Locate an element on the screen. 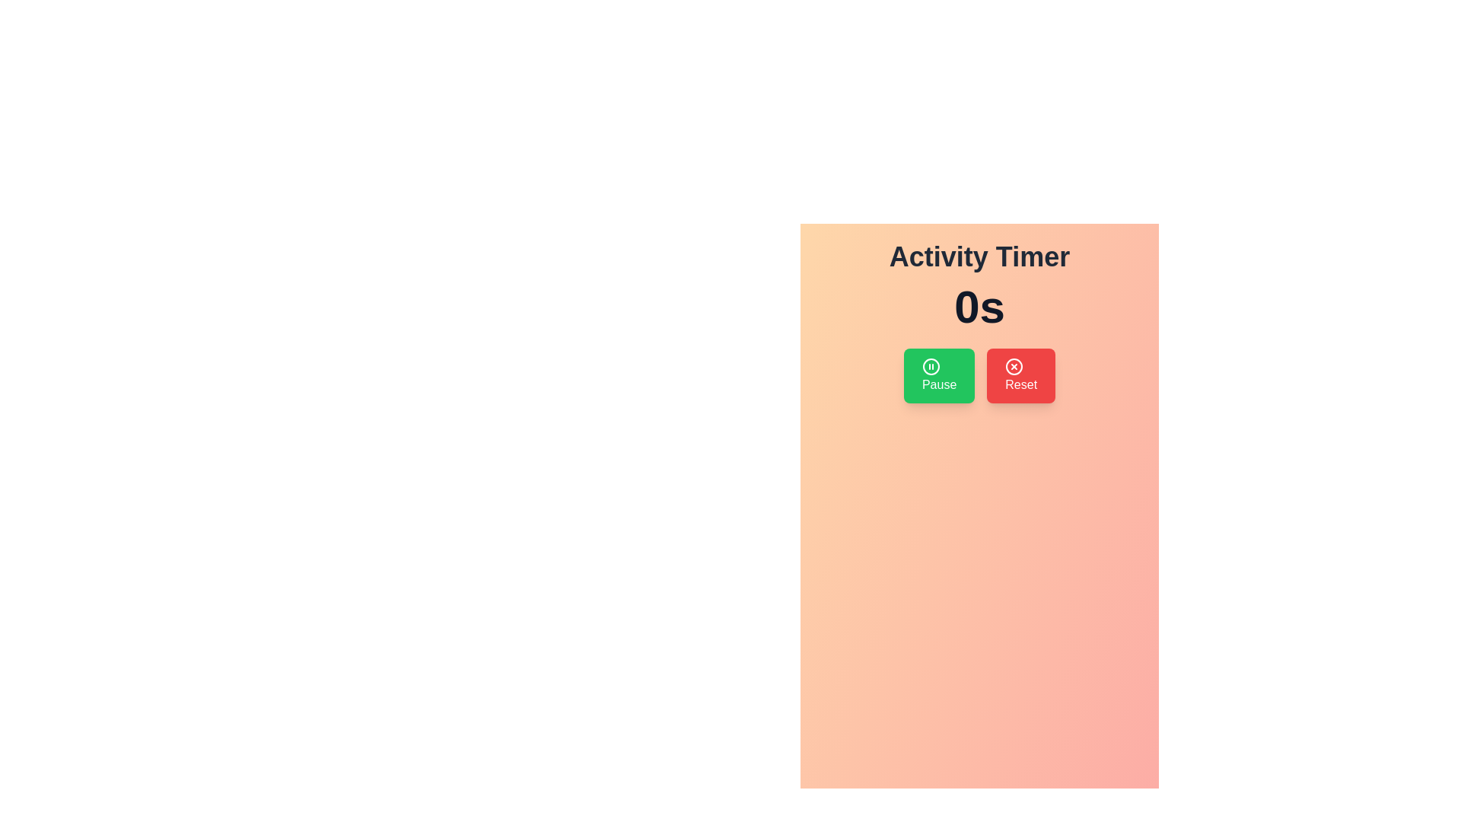  the circular green 'Pause' icon with two vertical bars is located at coordinates (931, 367).